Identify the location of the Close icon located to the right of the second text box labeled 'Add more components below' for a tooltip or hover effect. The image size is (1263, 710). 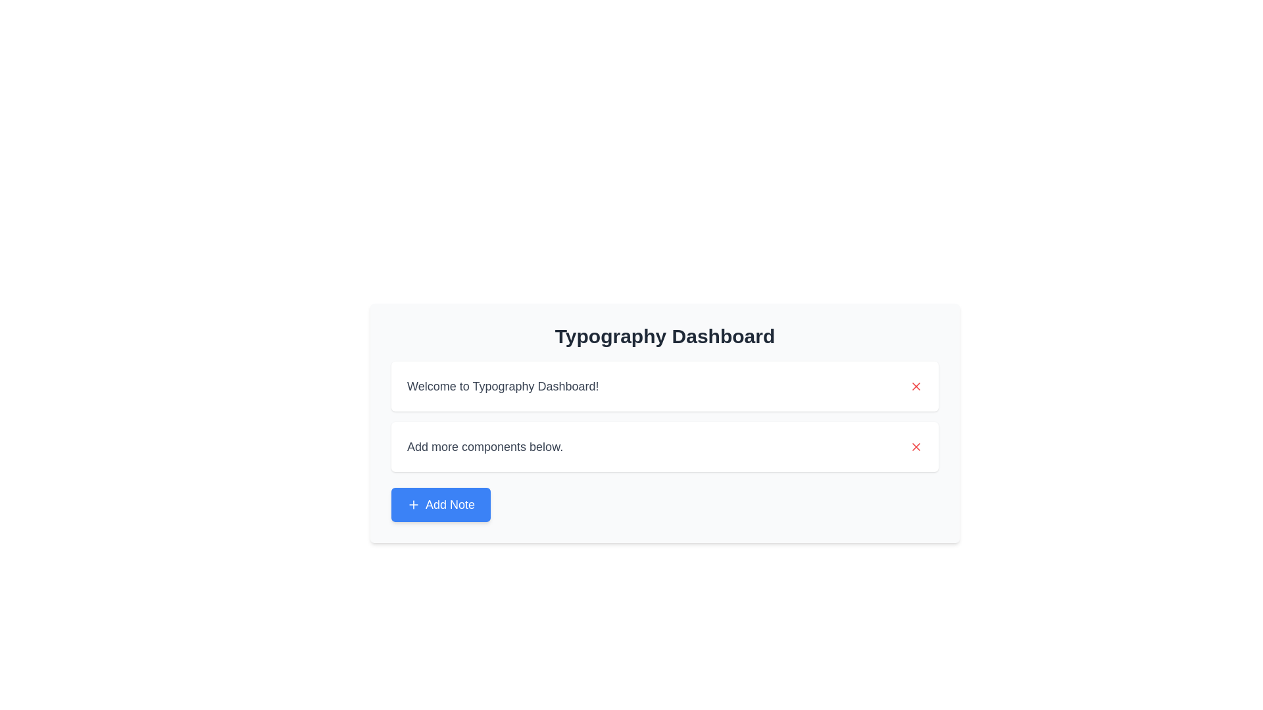
(915, 446).